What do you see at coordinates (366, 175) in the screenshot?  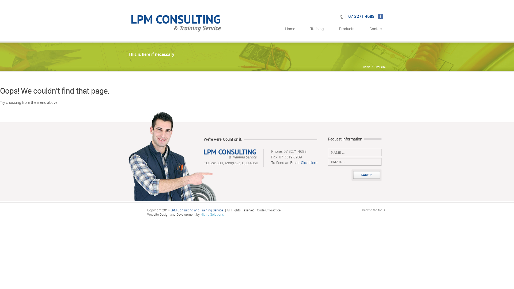 I see `'Submit'` at bounding box center [366, 175].